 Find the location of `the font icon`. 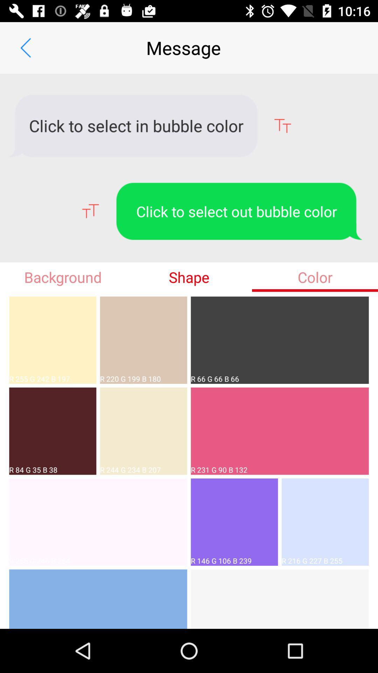

the font icon is located at coordinates (90, 211).